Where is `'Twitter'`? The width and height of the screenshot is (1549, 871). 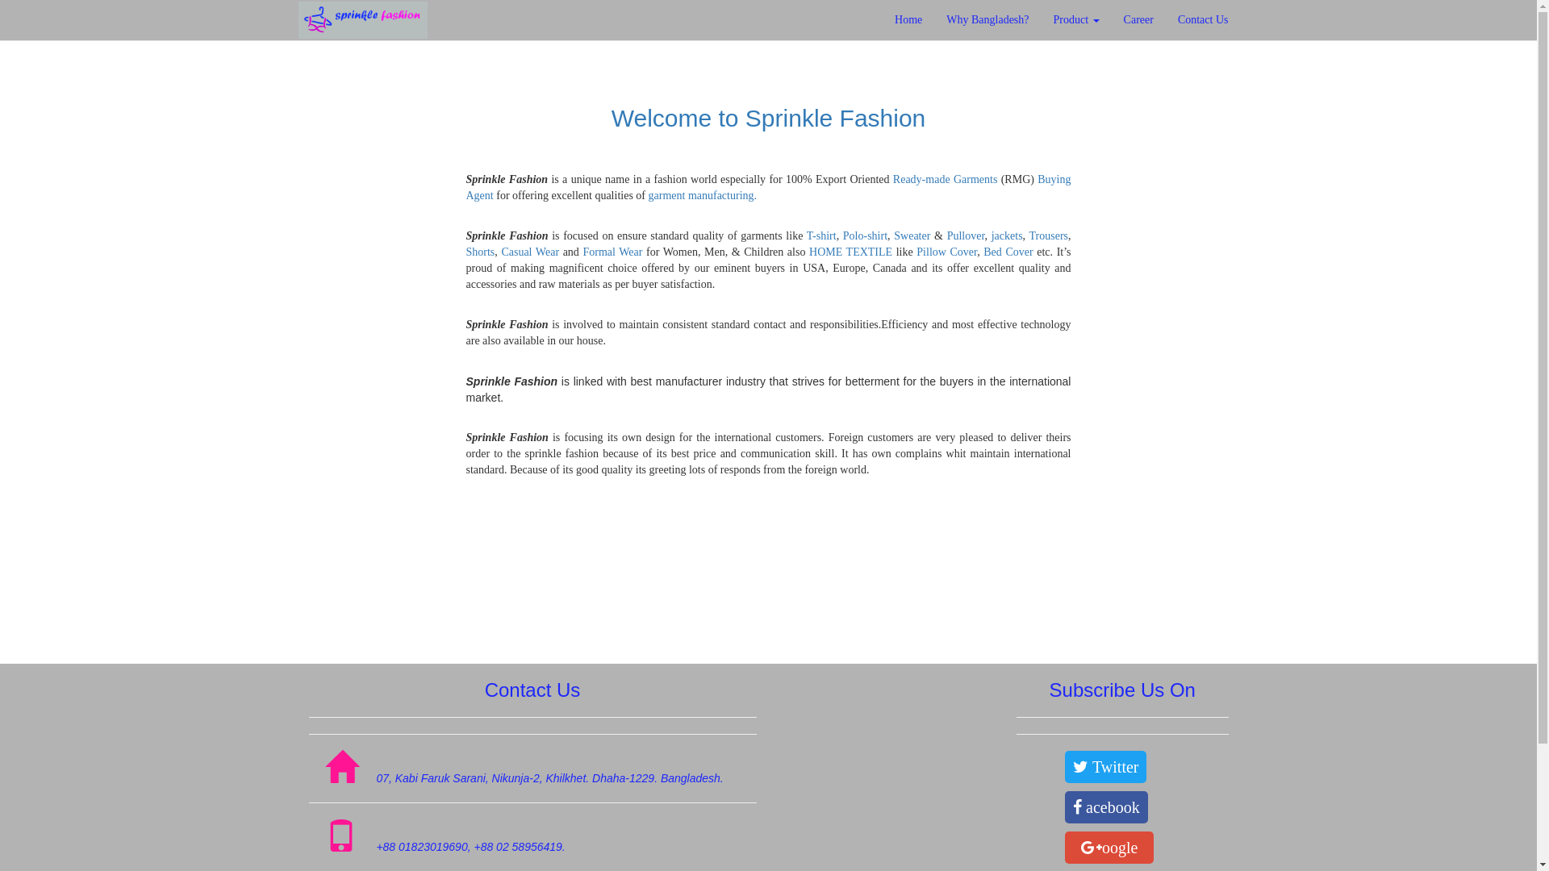 'Twitter' is located at coordinates (1104, 766).